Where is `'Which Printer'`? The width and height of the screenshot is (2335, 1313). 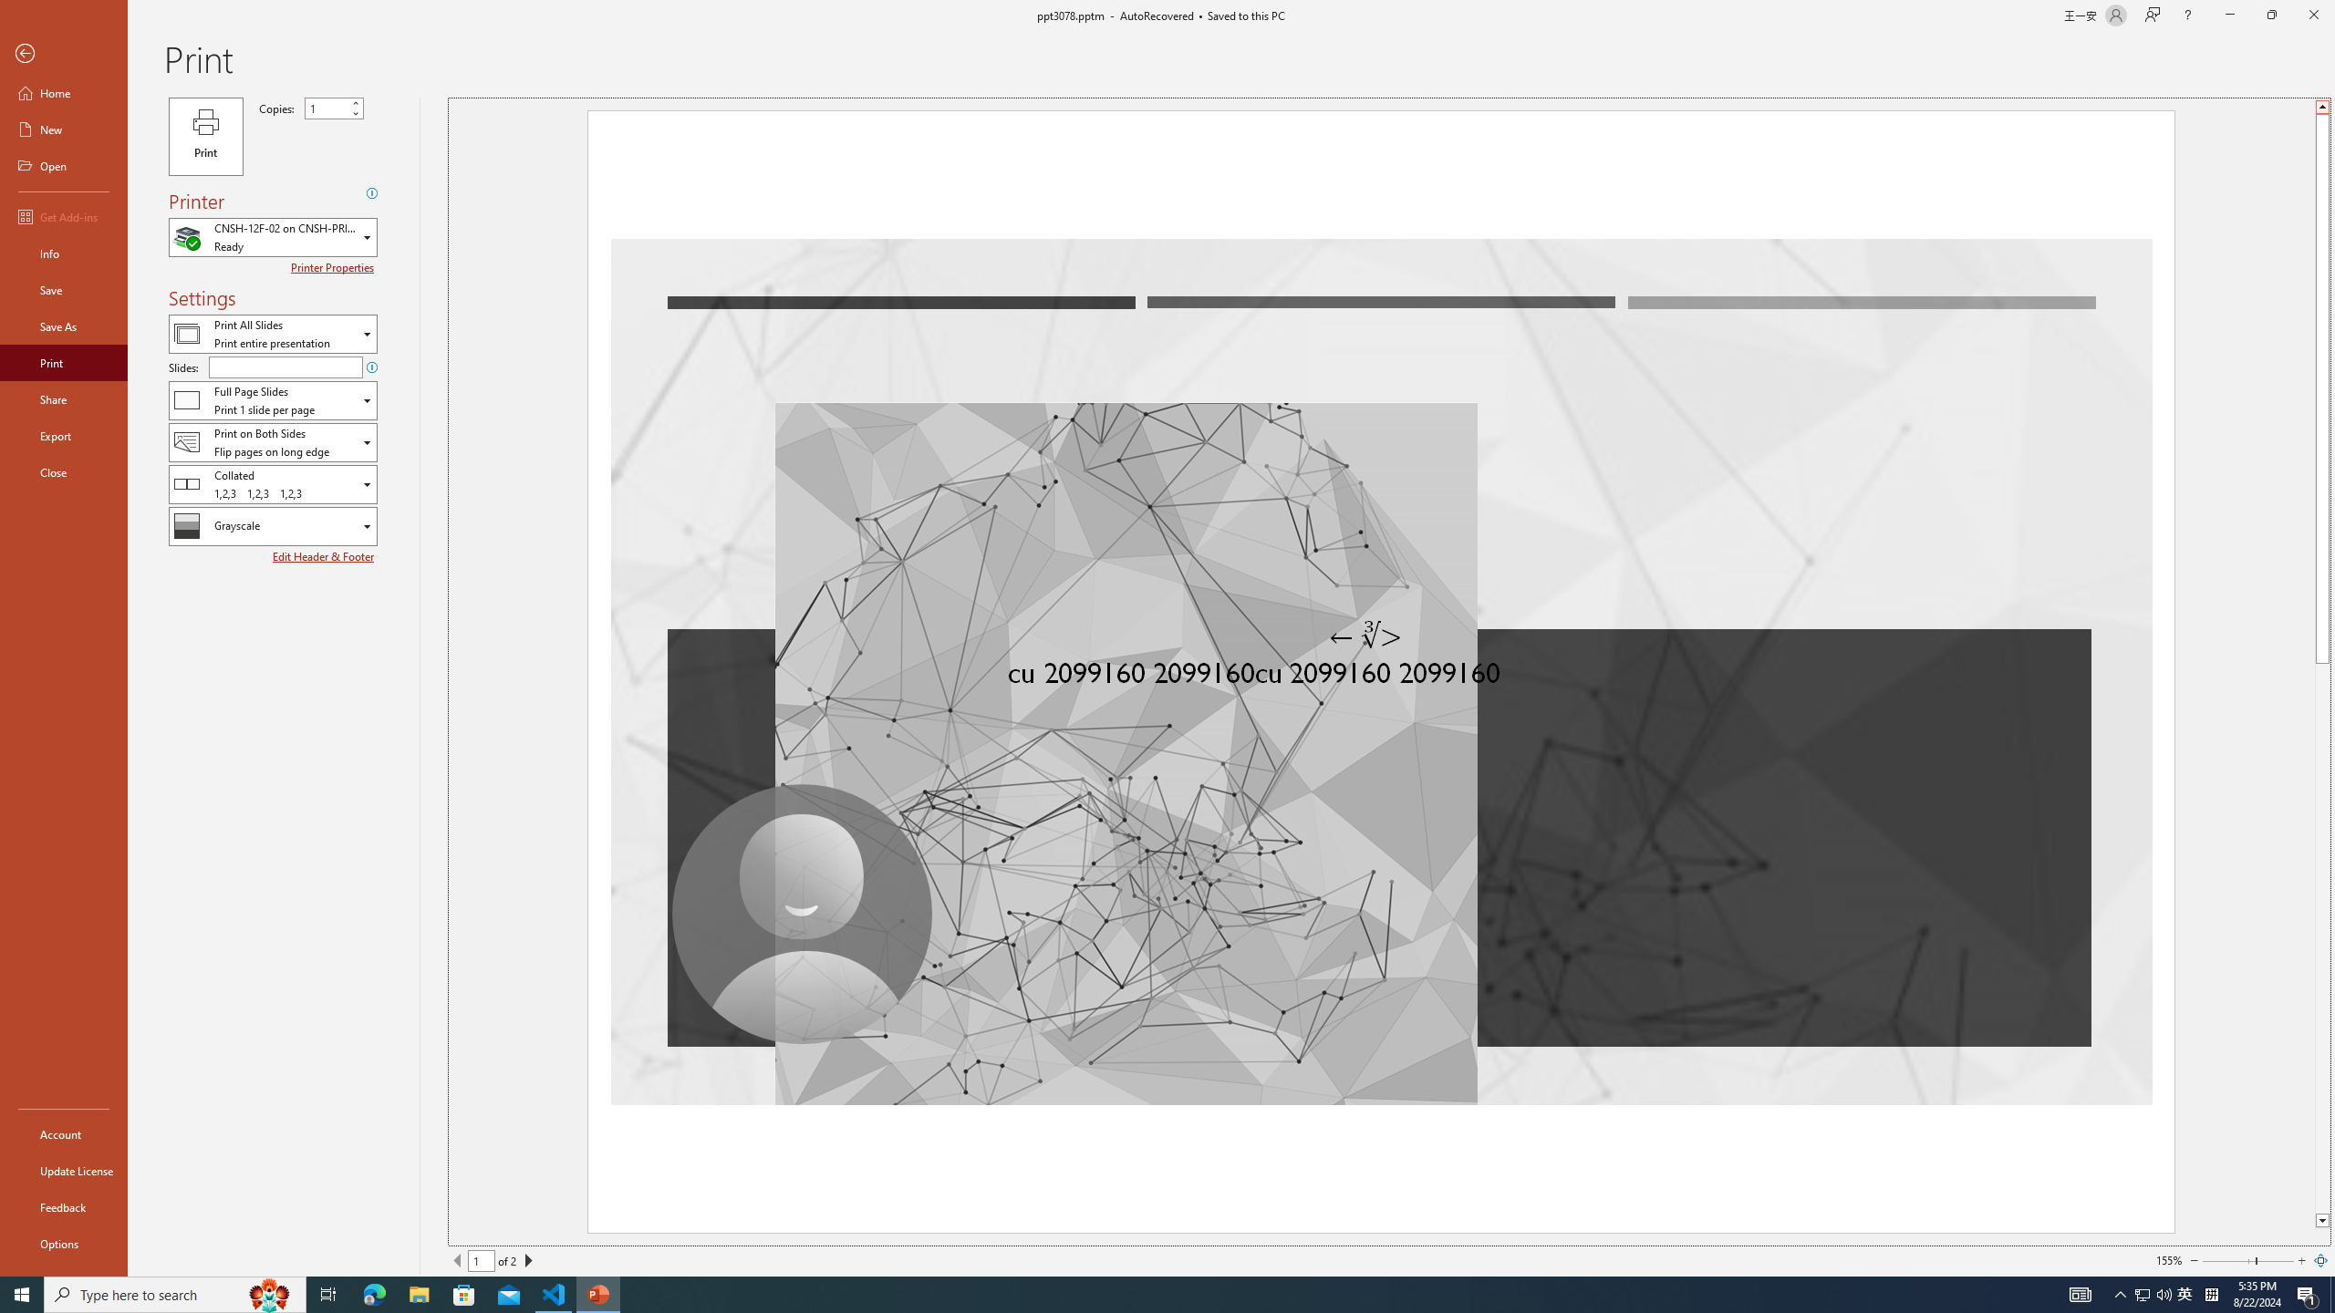
'Which Printer' is located at coordinates (272, 237).